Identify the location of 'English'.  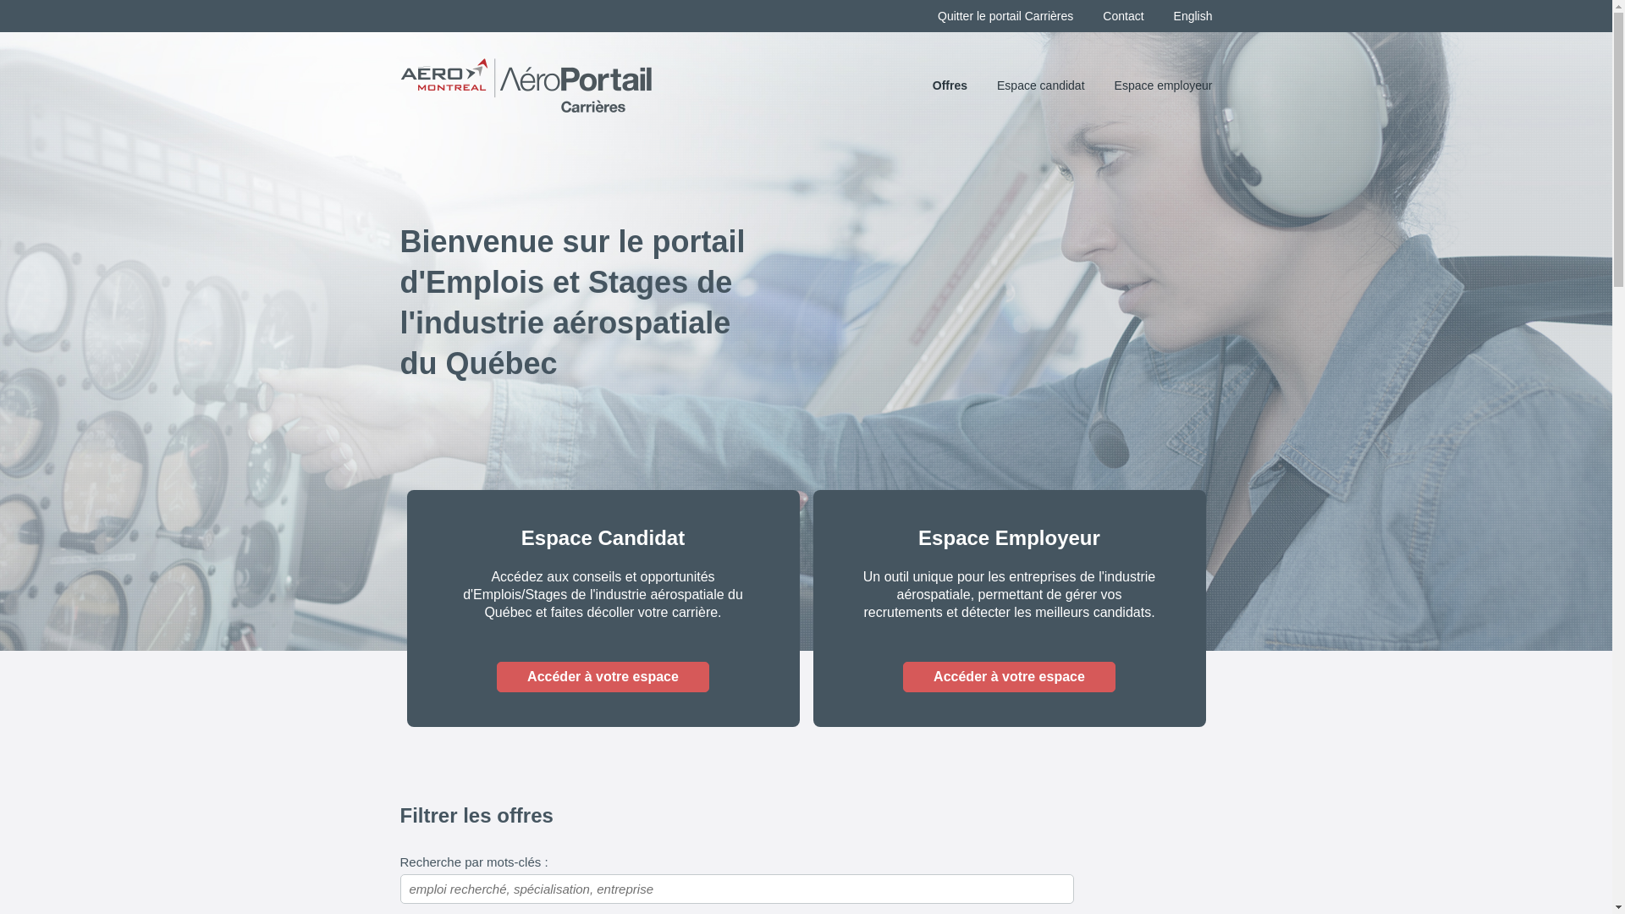
(1193, 16).